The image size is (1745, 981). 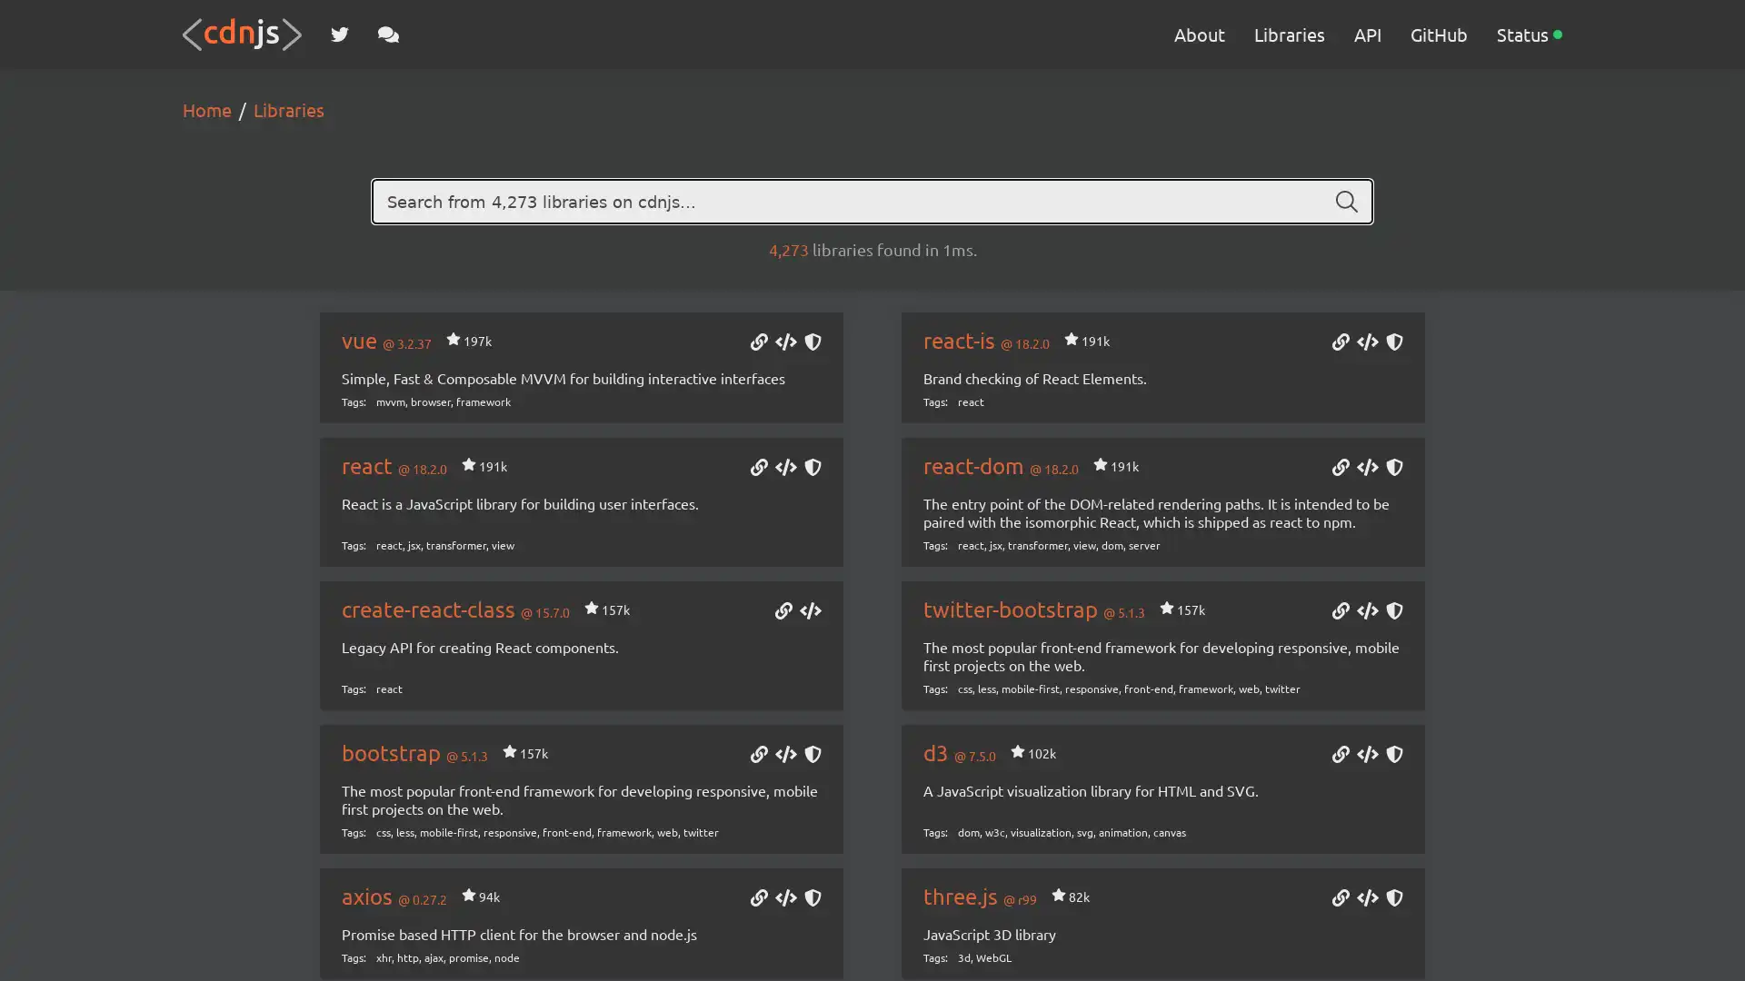 What do you see at coordinates (1366, 899) in the screenshot?
I see `Copy Script Tag` at bounding box center [1366, 899].